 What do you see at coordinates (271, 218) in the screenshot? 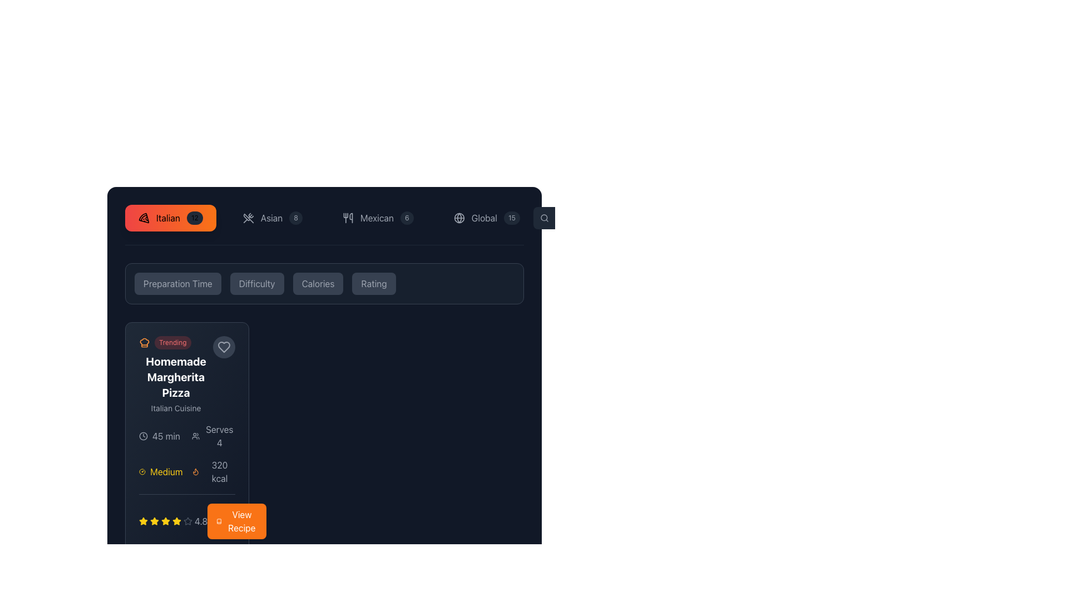
I see `the 'Asian' label in the horizontal navigation bar` at bounding box center [271, 218].